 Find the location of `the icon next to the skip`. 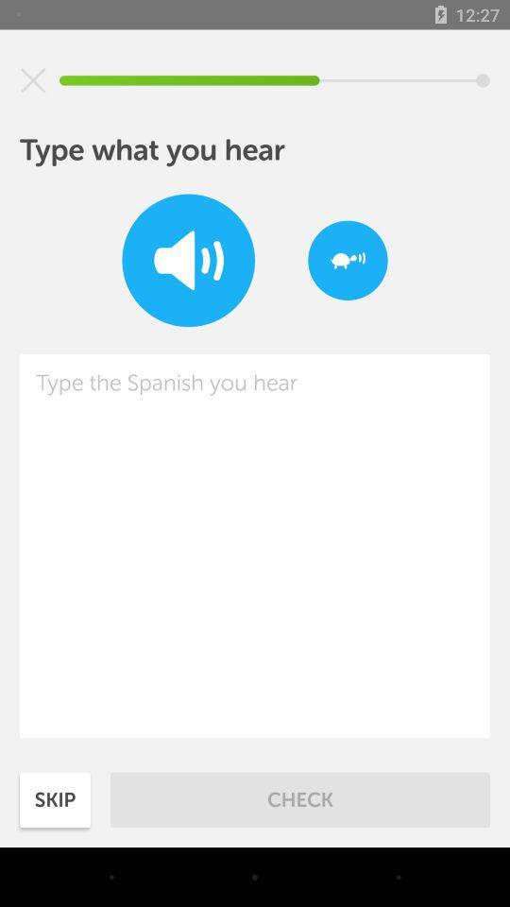

the icon next to the skip is located at coordinates (300, 798).